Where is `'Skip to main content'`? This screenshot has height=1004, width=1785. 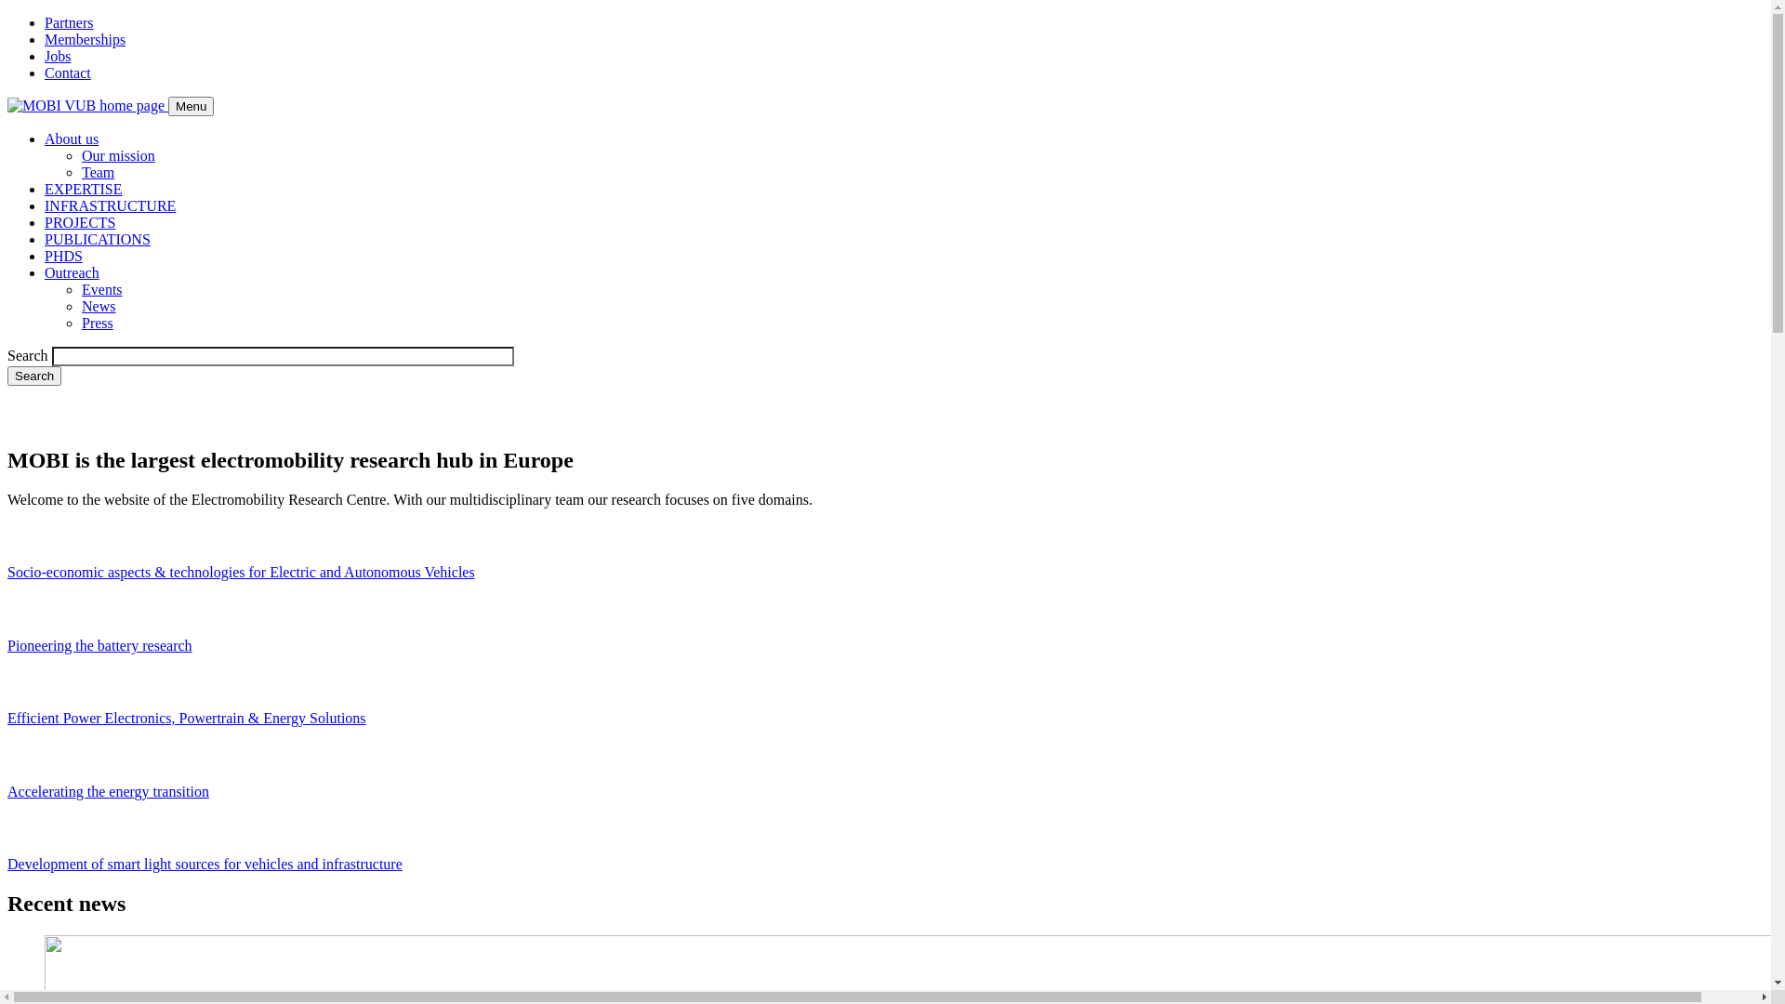 'Skip to main content' is located at coordinates (7, 15).